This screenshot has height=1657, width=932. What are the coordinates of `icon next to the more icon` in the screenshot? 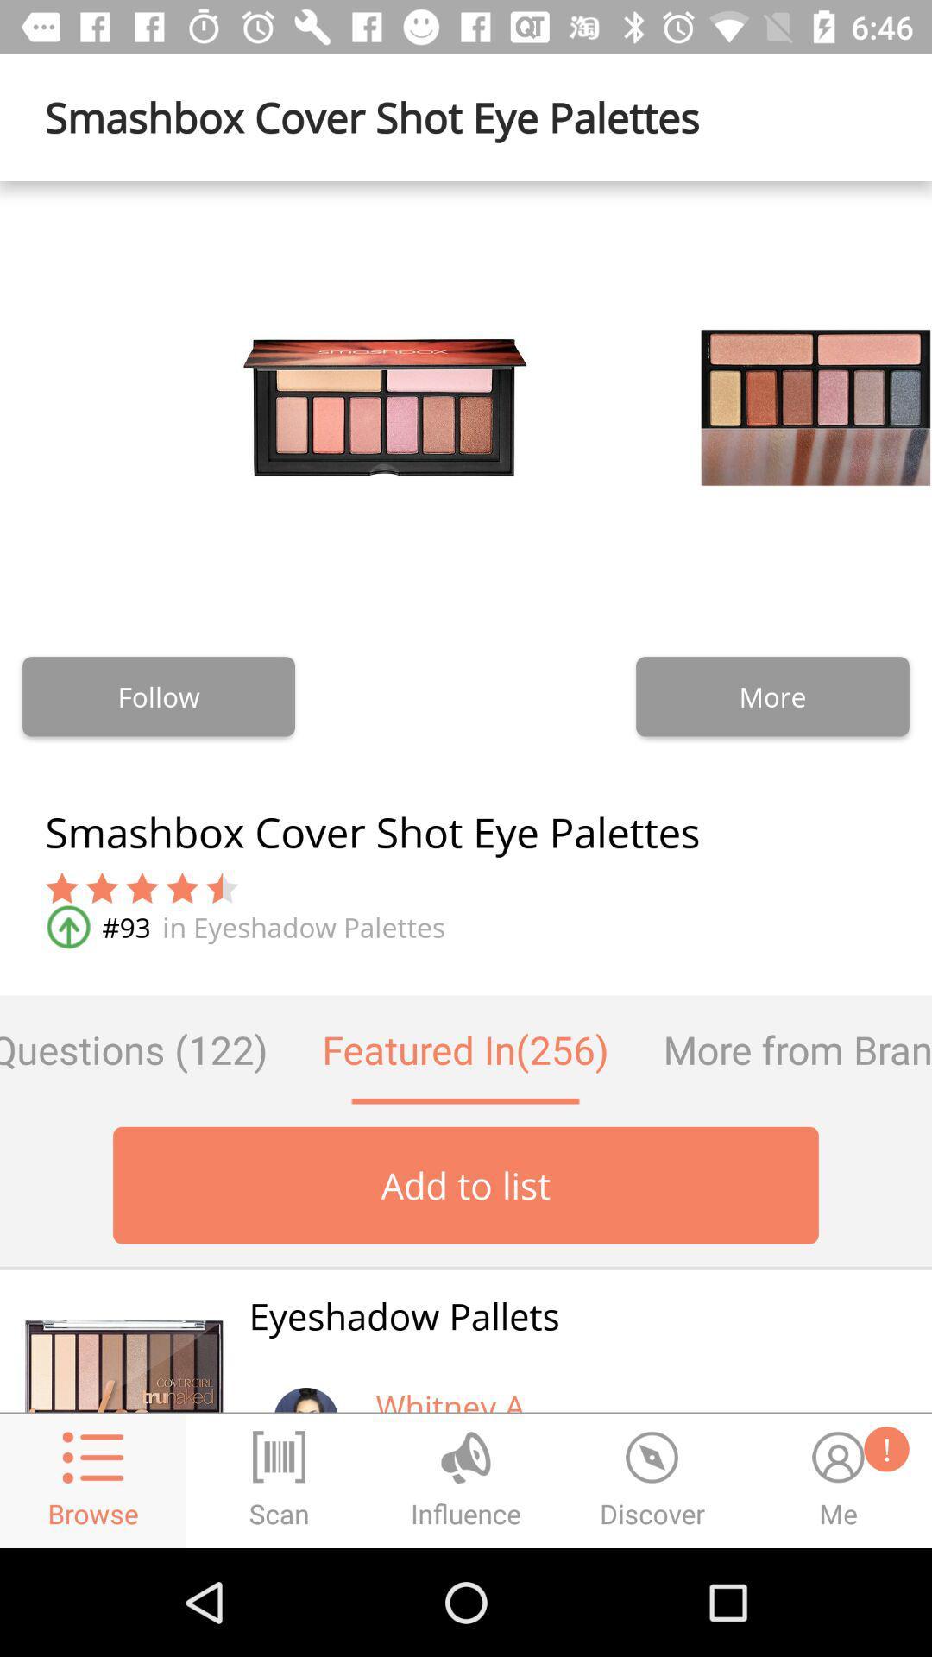 It's located at (159, 696).